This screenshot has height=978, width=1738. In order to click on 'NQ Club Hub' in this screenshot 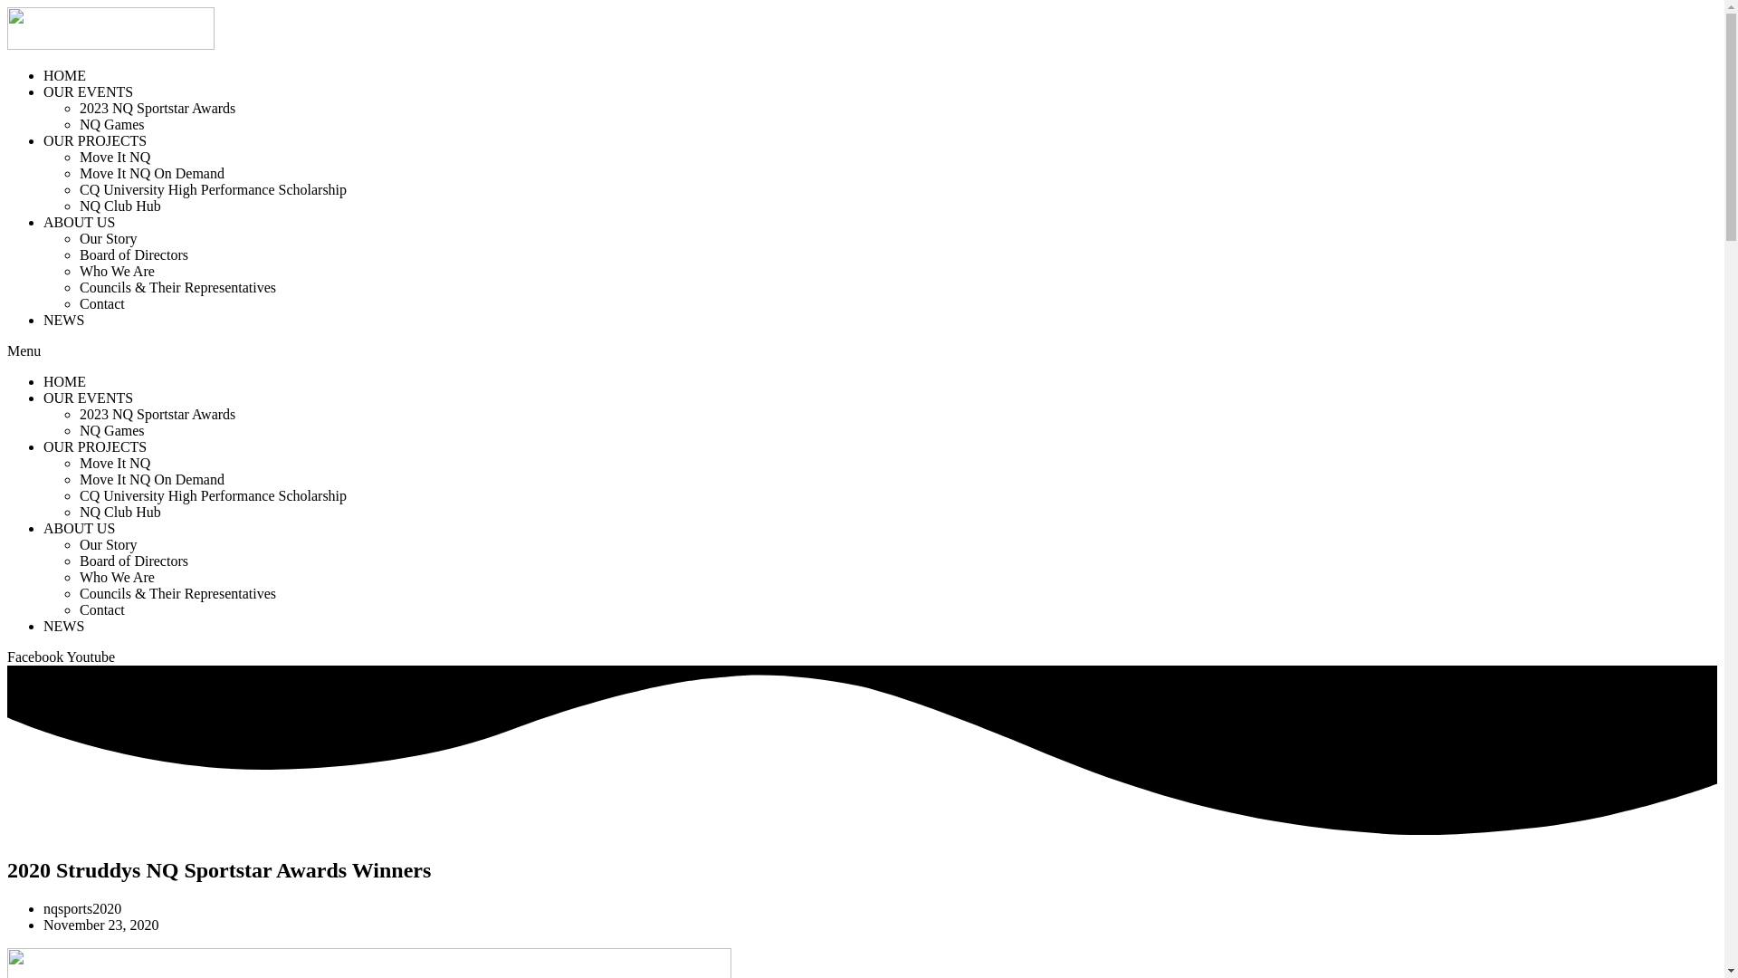, I will do `click(119, 205)`.